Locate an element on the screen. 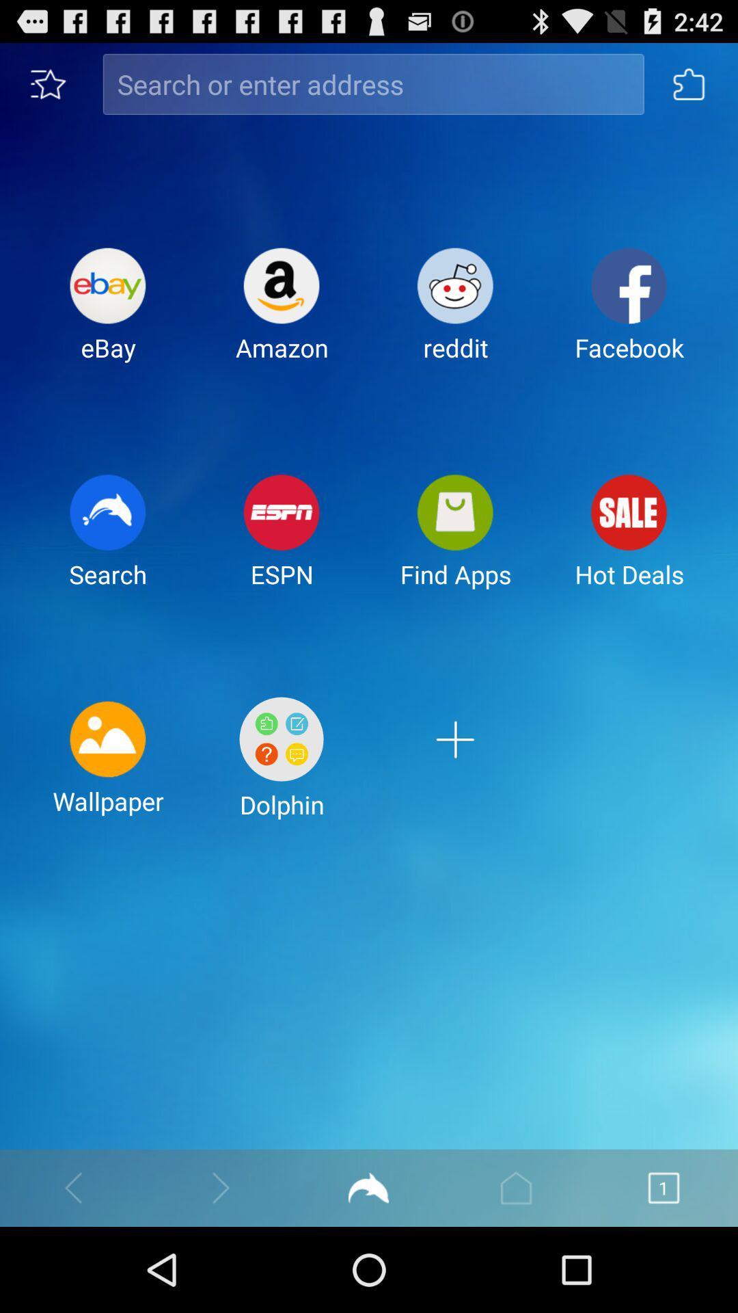 The width and height of the screenshot is (738, 1313). icon above wallpaper icon is located at coordinates (107, 542).